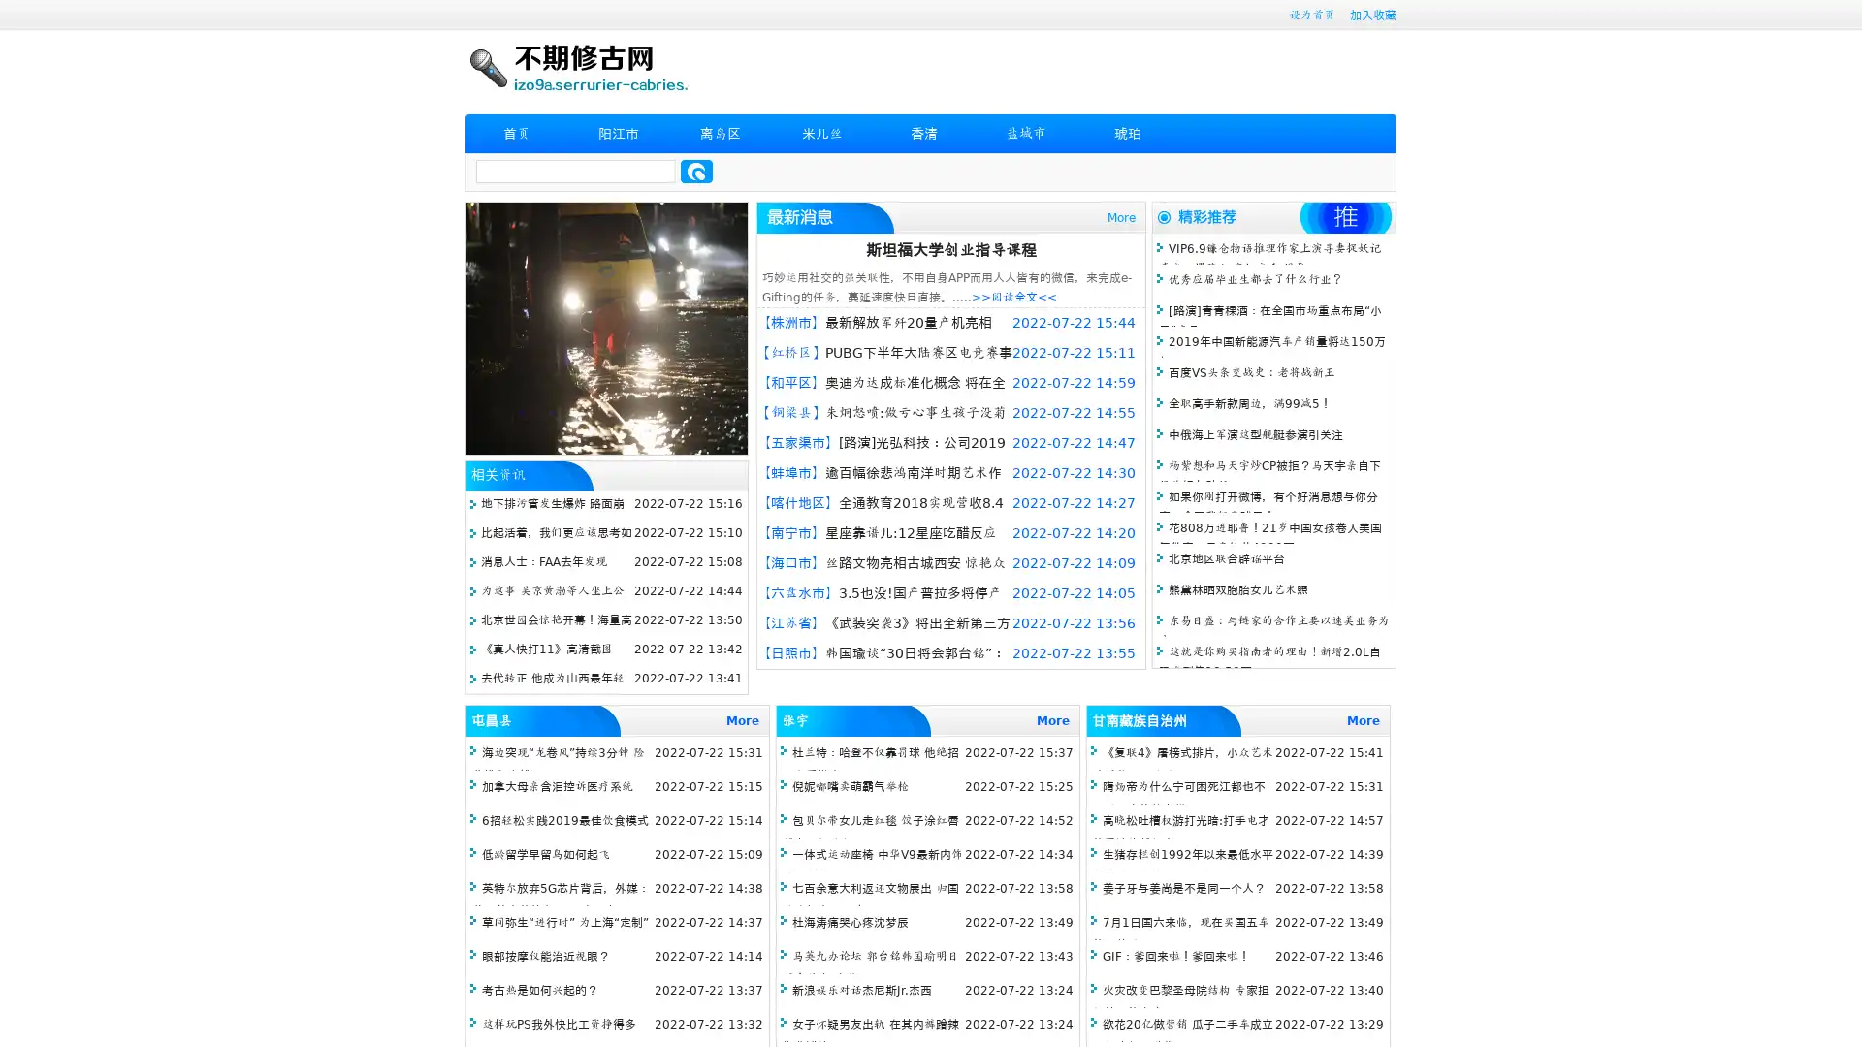 The width and height of the screenshot is (1862, 1047). Describe the element at coordinates (696, 171) in the screenshot. I see `Search` at that location.